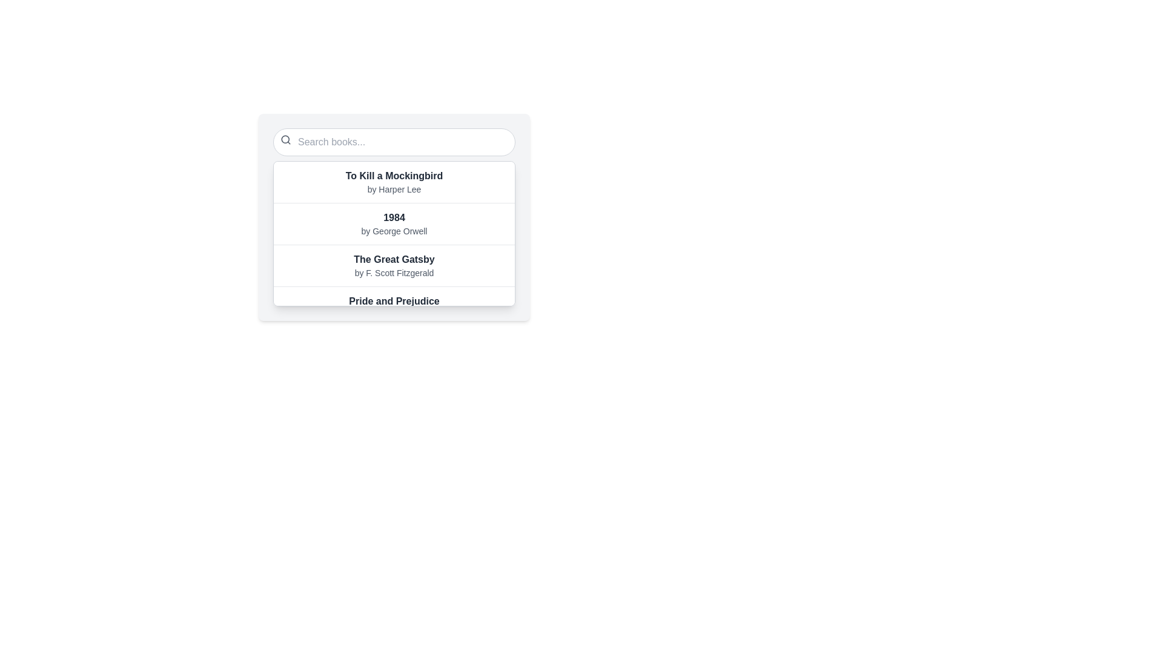  I want to click on the text label indicating the author of 'To Kill a Mockingbird', which is positioned directly beneath the book title in the user interface, so click(394, 189).